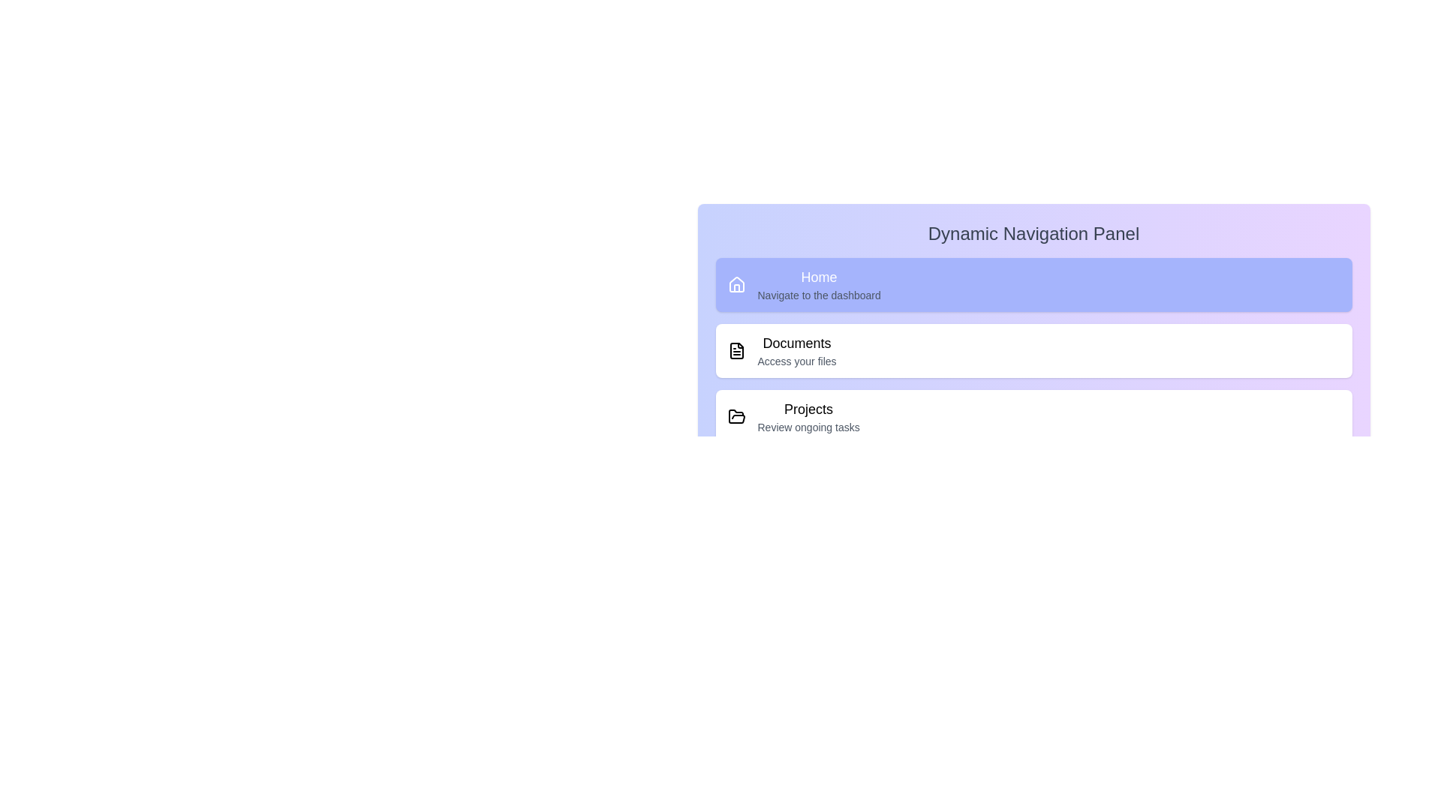  What do you see at coordinates (1033, 416) in the screenshot?
I see `the navigation item Projects` at bounding box center [1033, 416].